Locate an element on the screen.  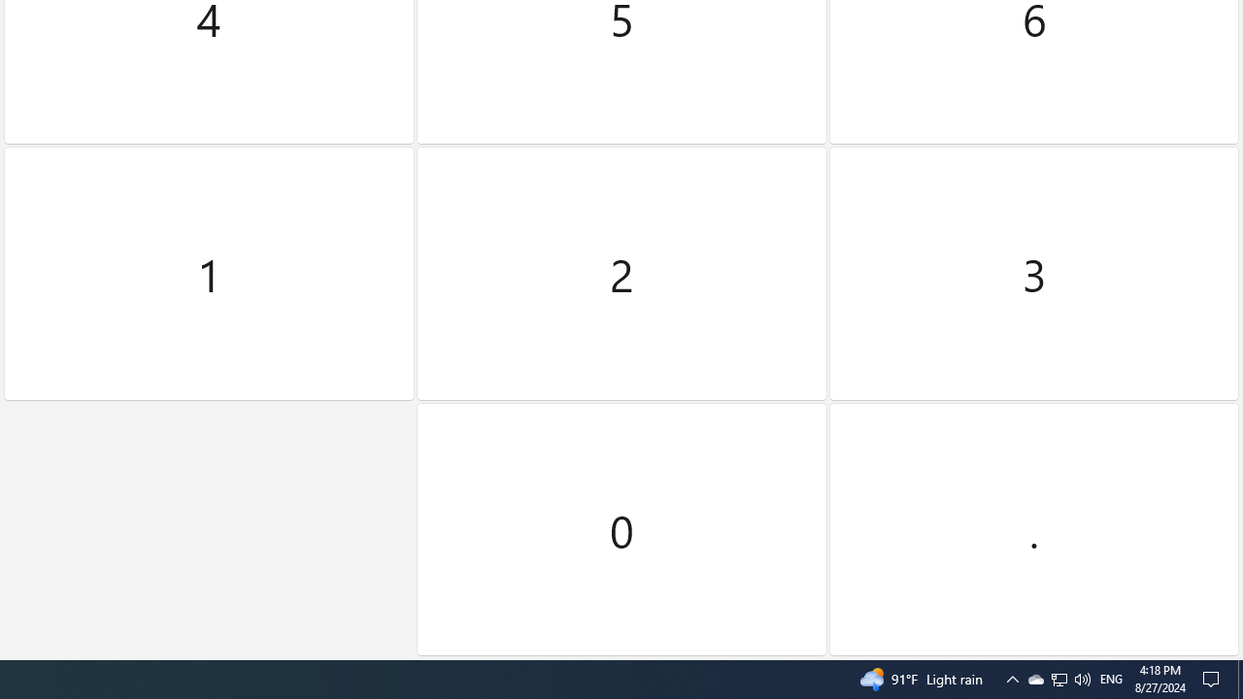
'Three' is located at coordinates (1032, 274).